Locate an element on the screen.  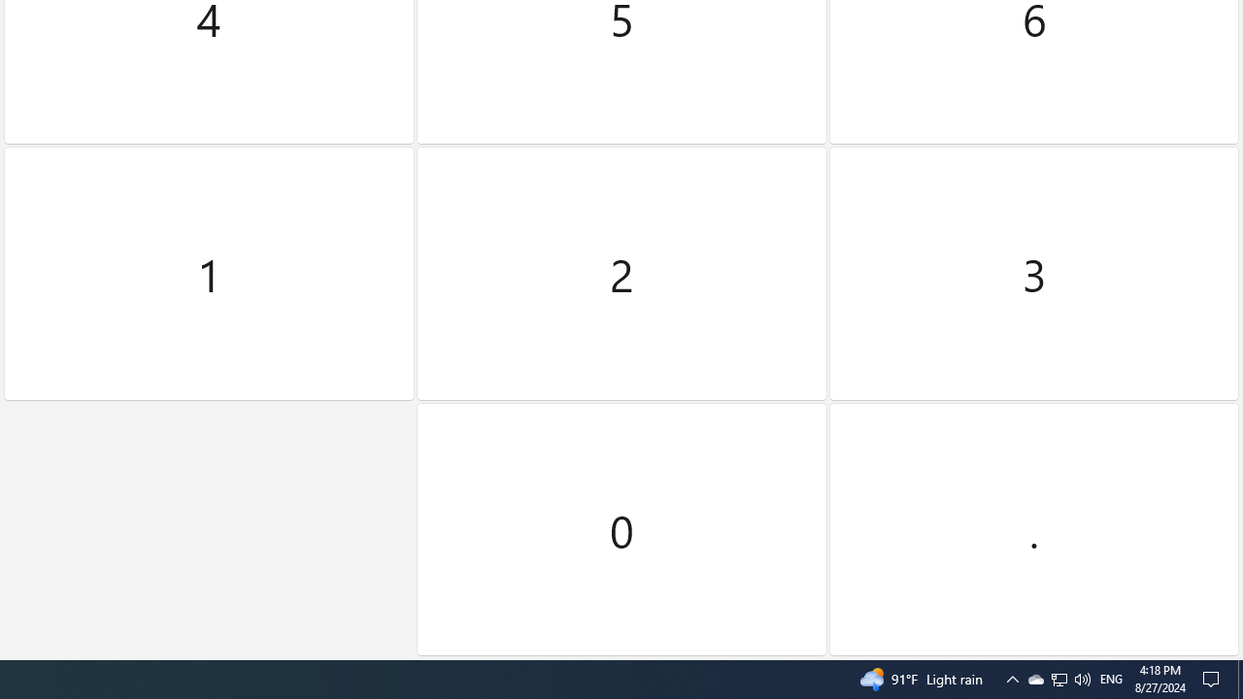
'Three' is located at coordinates (1032, 274).